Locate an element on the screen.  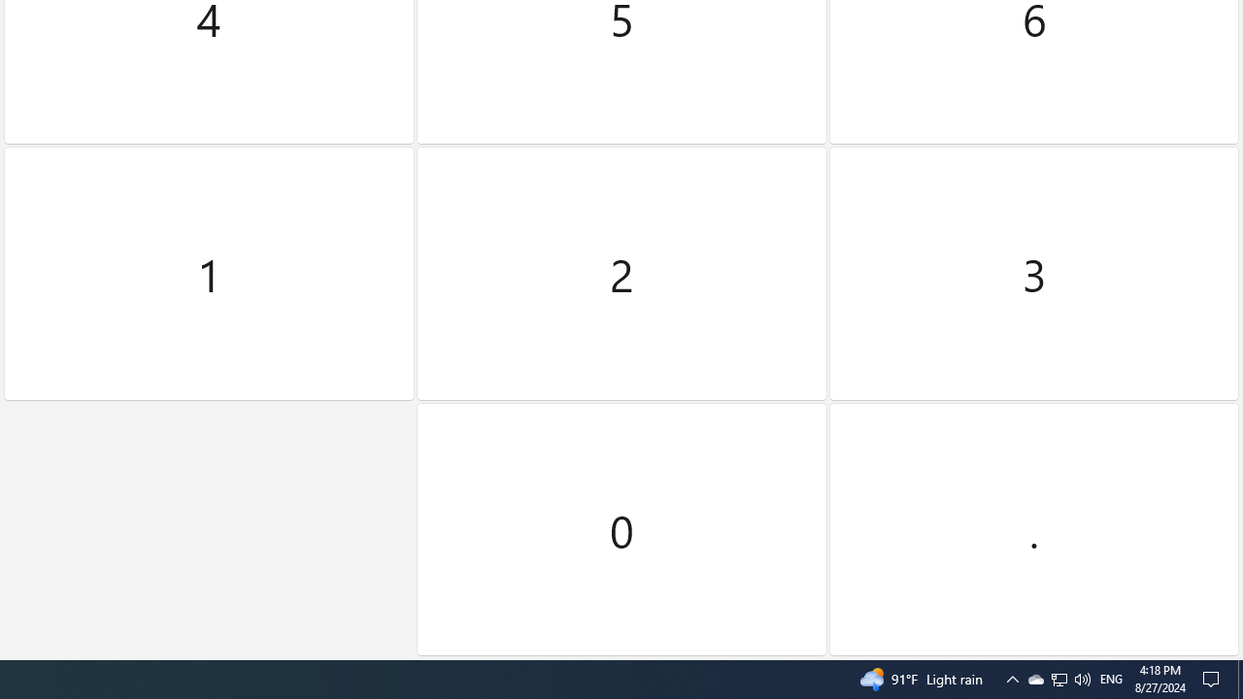
'Three' is located at coordinates (1032, 274).